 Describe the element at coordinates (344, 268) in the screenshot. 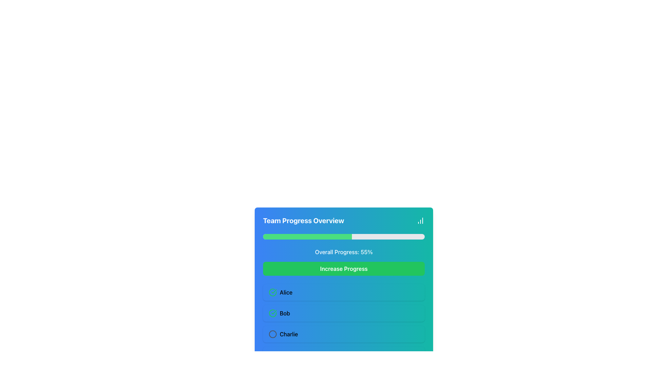

I see `the bright green button labeled 'Increase Progress' located below the progress bar in the 'Team Progress Overview' card` at that location.